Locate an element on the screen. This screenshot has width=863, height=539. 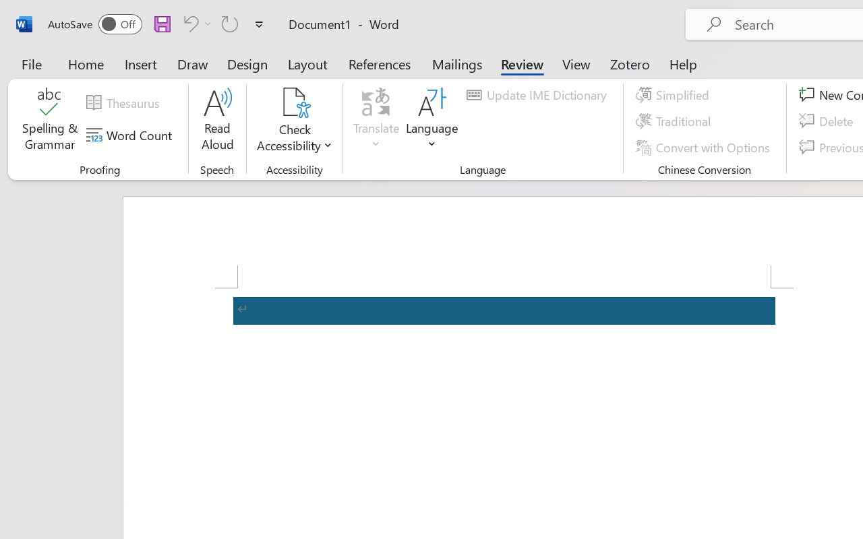
'Undo Apply Quick Style Set' is located at coordinates (195, 23).